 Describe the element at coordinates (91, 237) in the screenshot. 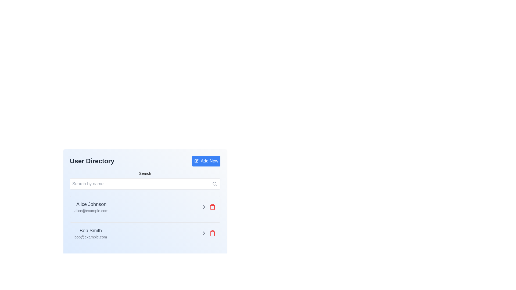

I see `email address displayed in the static text label below the name 'Bob Smith' in the user directory interface` at that location.